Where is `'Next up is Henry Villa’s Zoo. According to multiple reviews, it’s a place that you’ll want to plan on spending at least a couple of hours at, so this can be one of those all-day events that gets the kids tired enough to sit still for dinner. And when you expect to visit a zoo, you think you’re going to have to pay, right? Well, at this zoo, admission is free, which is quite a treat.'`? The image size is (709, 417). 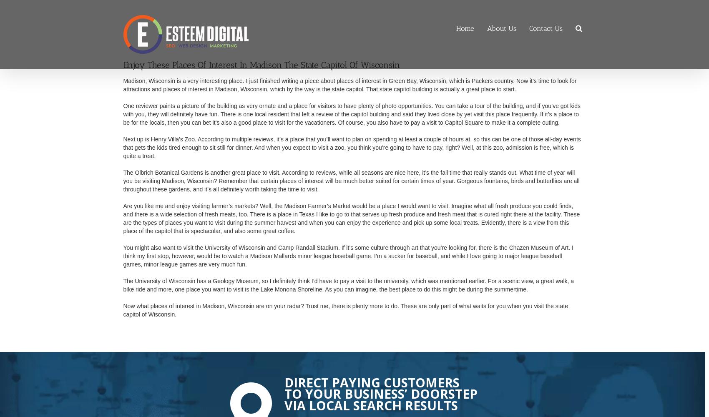
'Next up is Henry Villa’s Zoo. According to multiple reviews, it’s a place that you’ll want to plan on spending at least a couple of hours at, so this can be one of those all-day events that gets the kids tired enough to sit still for dinner. And when you expect to visit a zoo, you think you’re going to have to pay, right? Well, at this zoo, admission is free, which is quite a treat.' is located at coordinates (351, 147).